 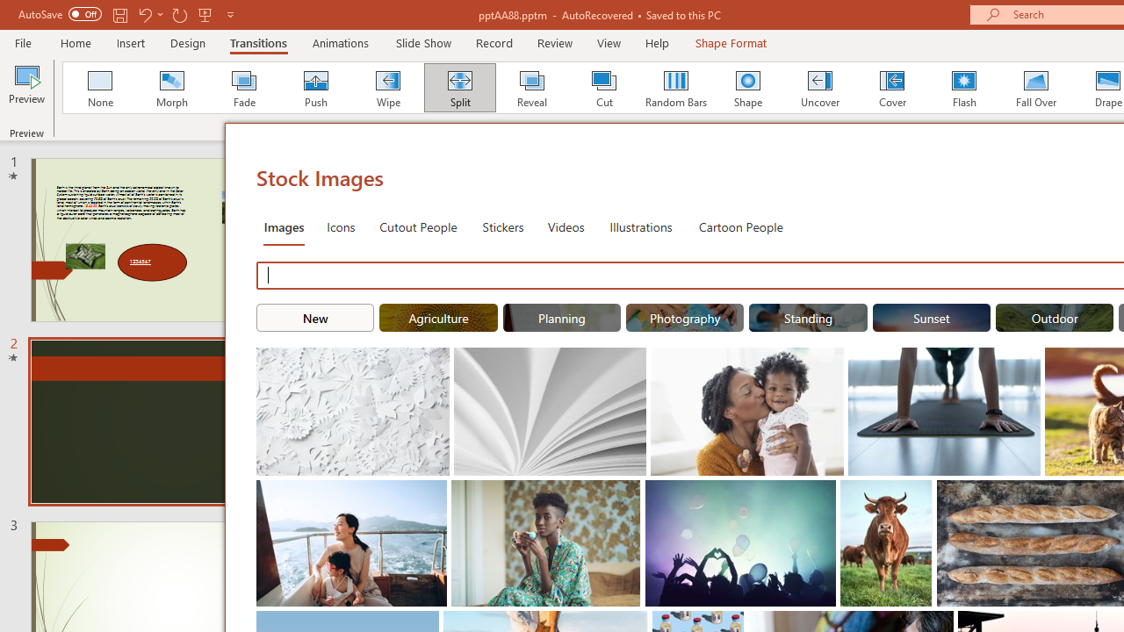 I want to click on '"New" Stock Images.', so click(x=315, y=318).